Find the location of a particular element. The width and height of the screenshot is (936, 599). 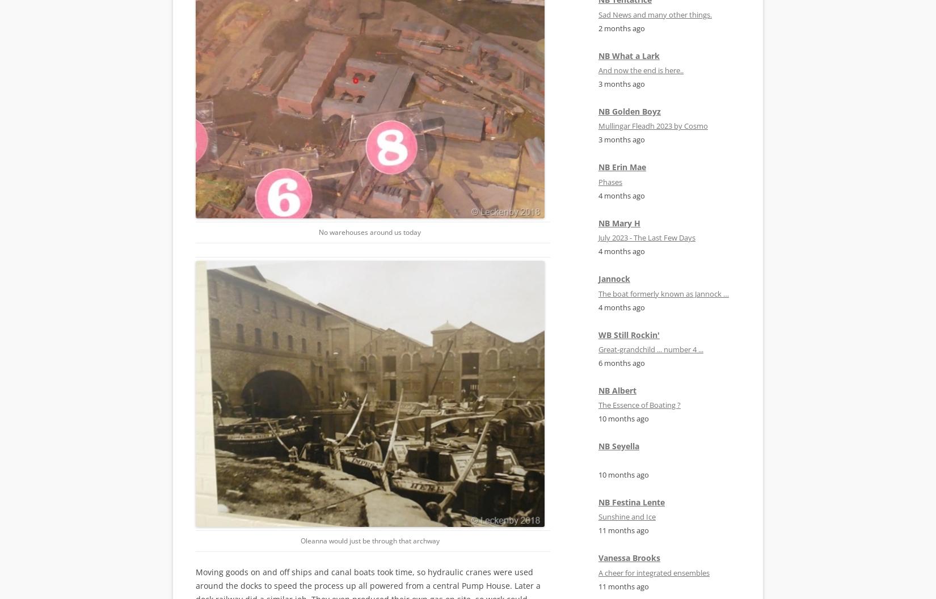

'Phases' is located at coordinates (610, 181).